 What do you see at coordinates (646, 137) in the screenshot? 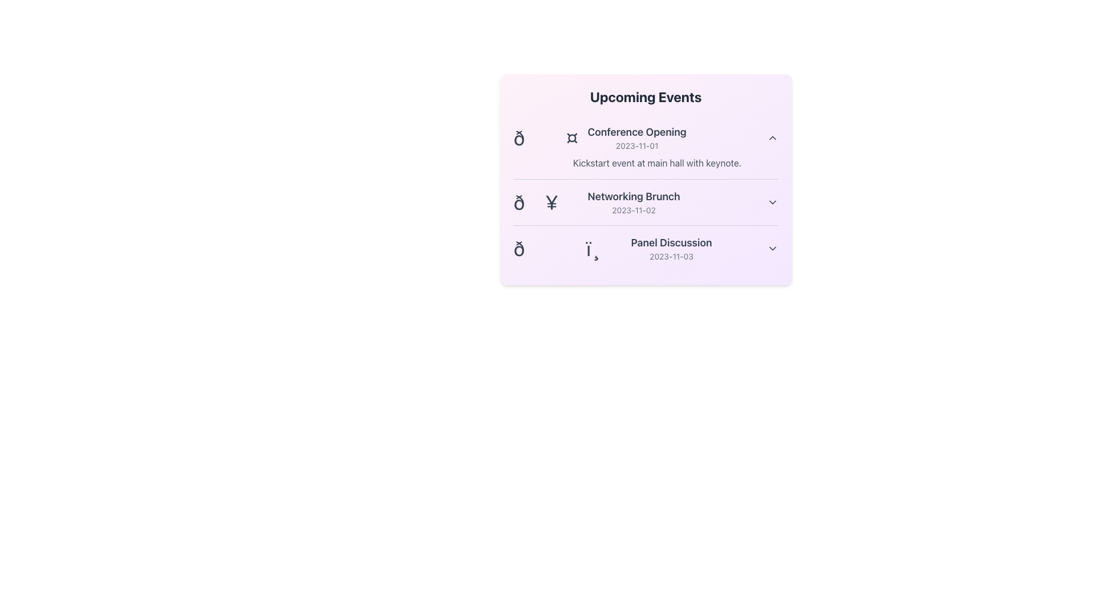
I see `the 'Conference Opening' title in the Collapsible Section Header` at bounding box center [646, 137].